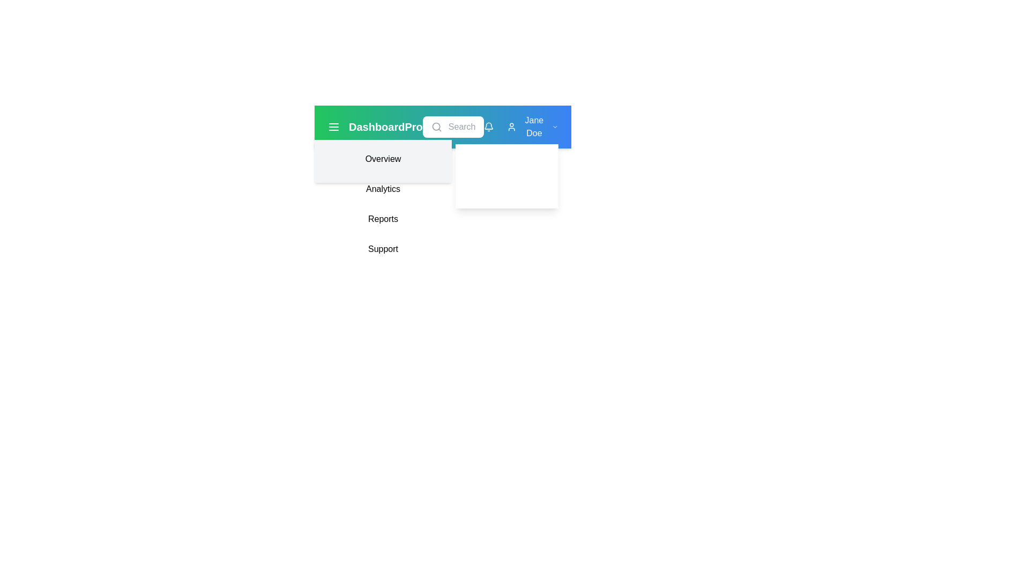 The image size is (1029, 579). Describe the element at coordinates (386, 126) in the screenshot. I see `the branding text label positioned in the top navigation bar, located to the center-left of the interface, next to the menu icon with three horizontal lines` at that location.